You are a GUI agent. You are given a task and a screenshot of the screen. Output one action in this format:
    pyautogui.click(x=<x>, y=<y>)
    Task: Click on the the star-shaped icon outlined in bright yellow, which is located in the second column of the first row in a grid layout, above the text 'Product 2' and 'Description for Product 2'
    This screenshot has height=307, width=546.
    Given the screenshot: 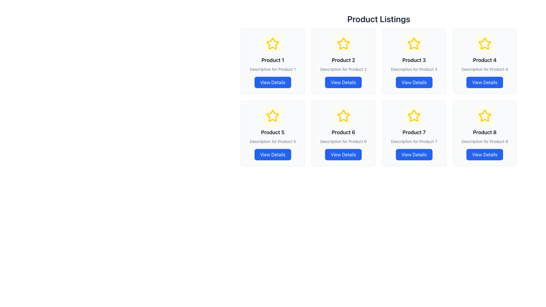 What is the action you would take?
    pyautogui.click(x=343, y=43)
    